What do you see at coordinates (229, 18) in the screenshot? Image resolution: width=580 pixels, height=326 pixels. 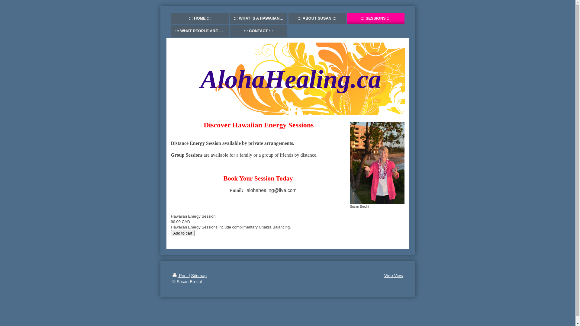 I see `'WHAT IS A HAWAIIAN ENERGY SESSION?'` at bounding box center [229, 18].